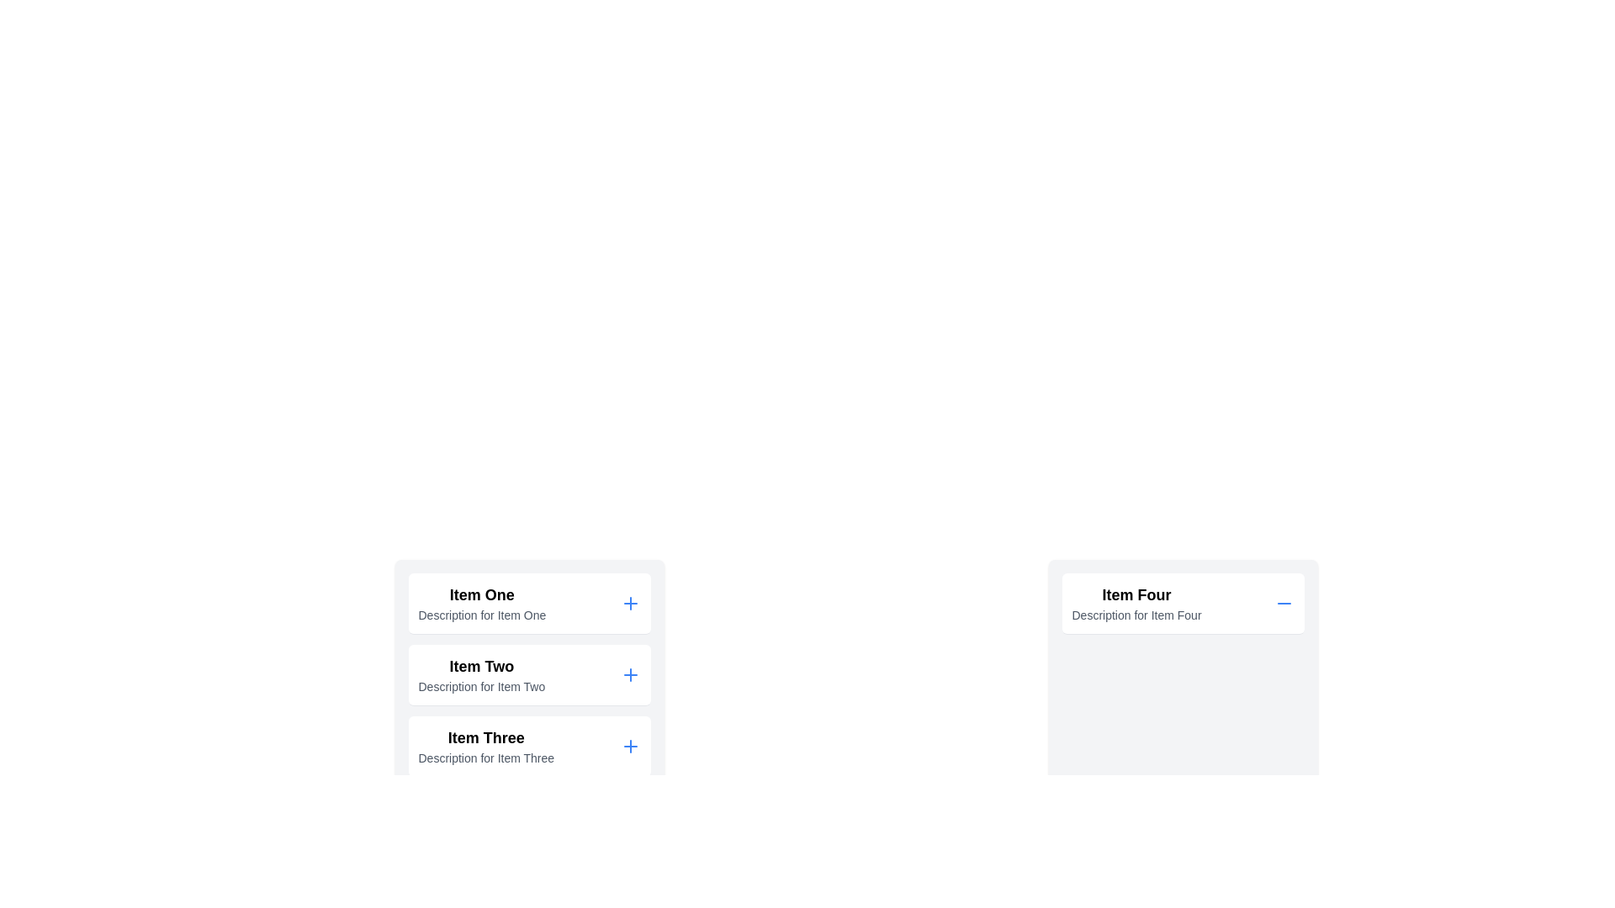  Describe the element at coordinates (629, 745) in the screenshot. I see `the plus button next to Item Three in the source list to transfer it to the target list` at that location.